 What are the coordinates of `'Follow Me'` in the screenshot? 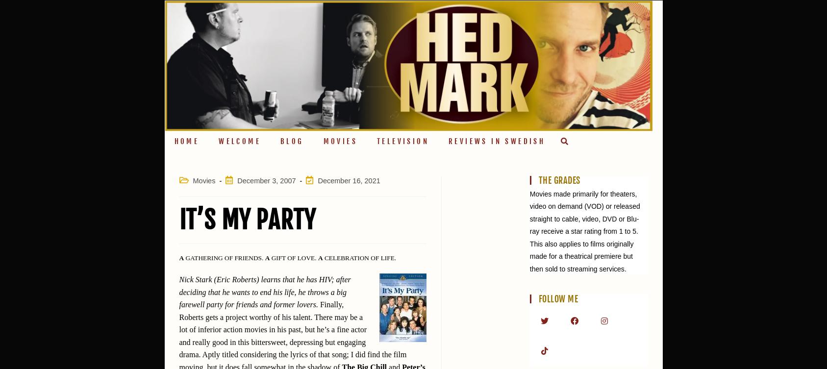 It's located at (538, 299).